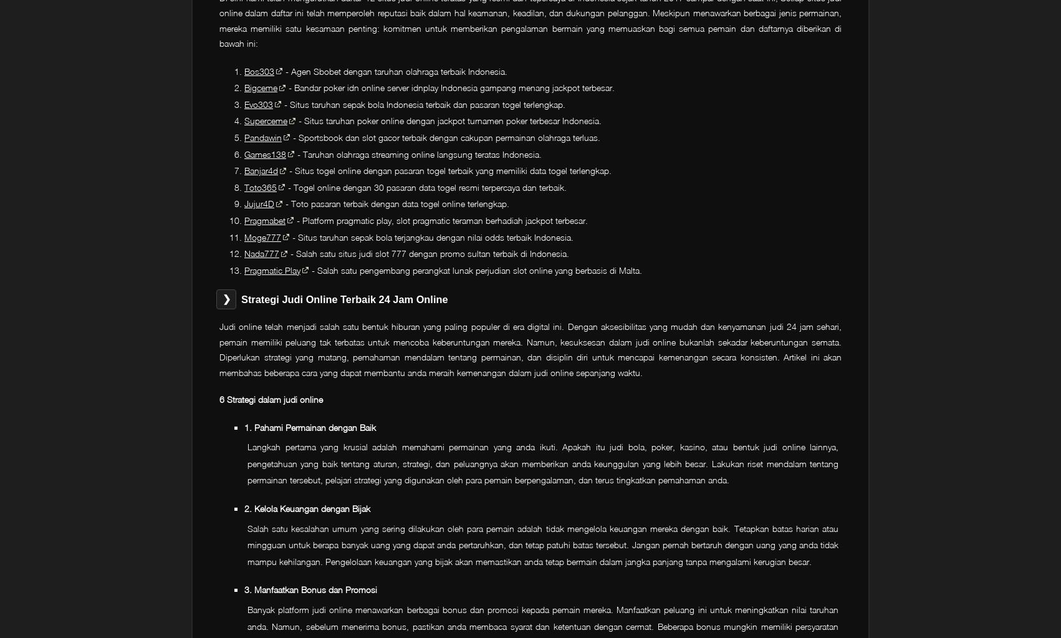  Describe the element at coordinates (244, 269) in the screenshot. I see `'Pragmatic Play'` at that location.